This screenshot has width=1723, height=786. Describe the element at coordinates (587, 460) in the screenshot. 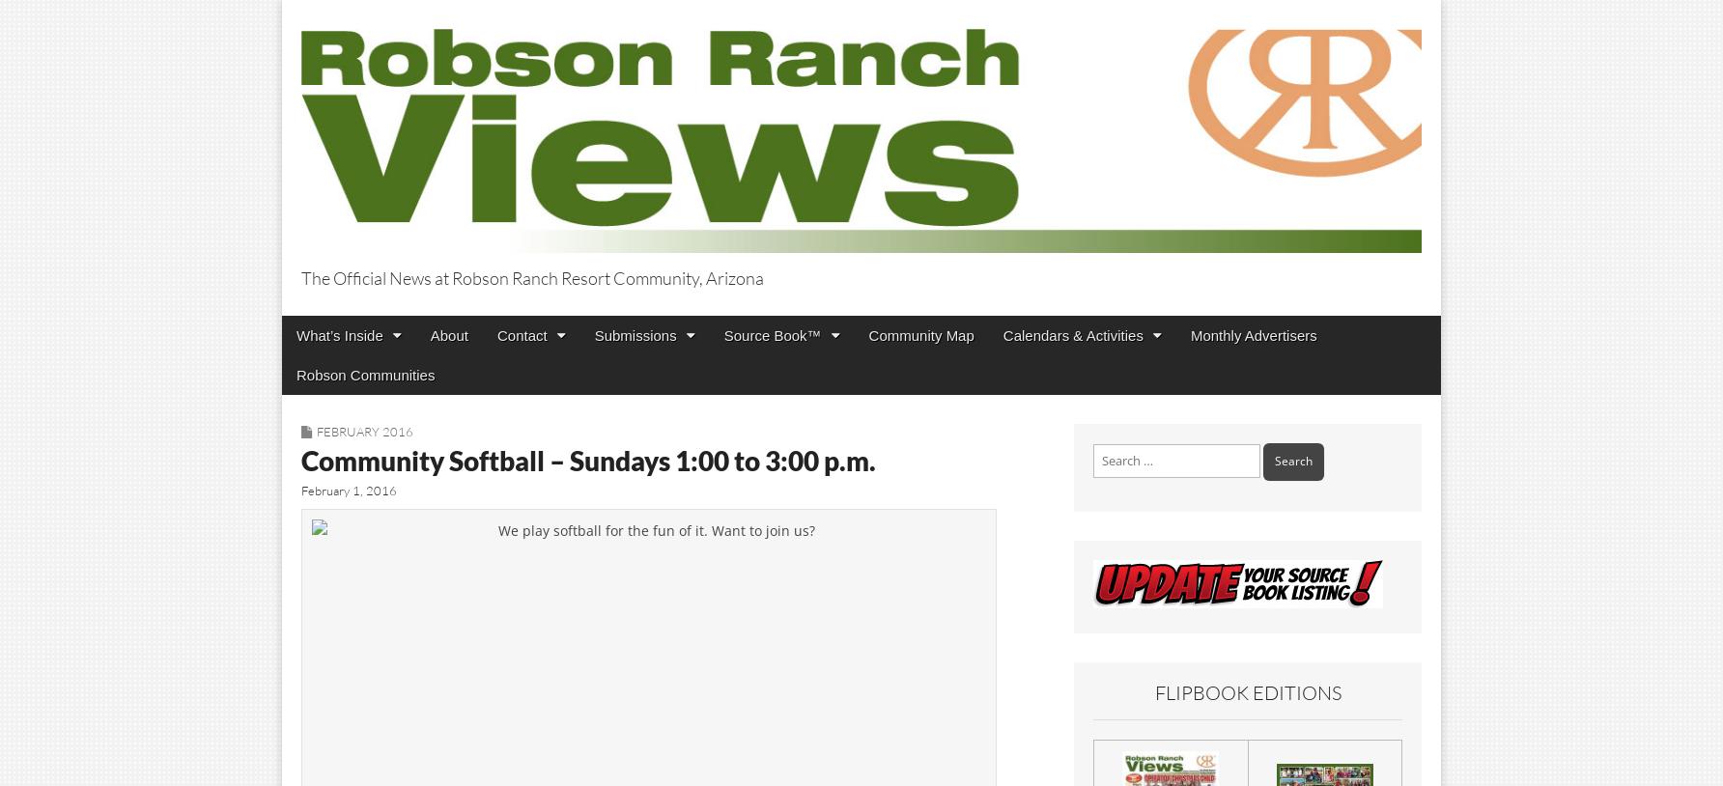

I see `'Community Softball – Sundays 1:00 to 3:00 p.m.'` at that location.